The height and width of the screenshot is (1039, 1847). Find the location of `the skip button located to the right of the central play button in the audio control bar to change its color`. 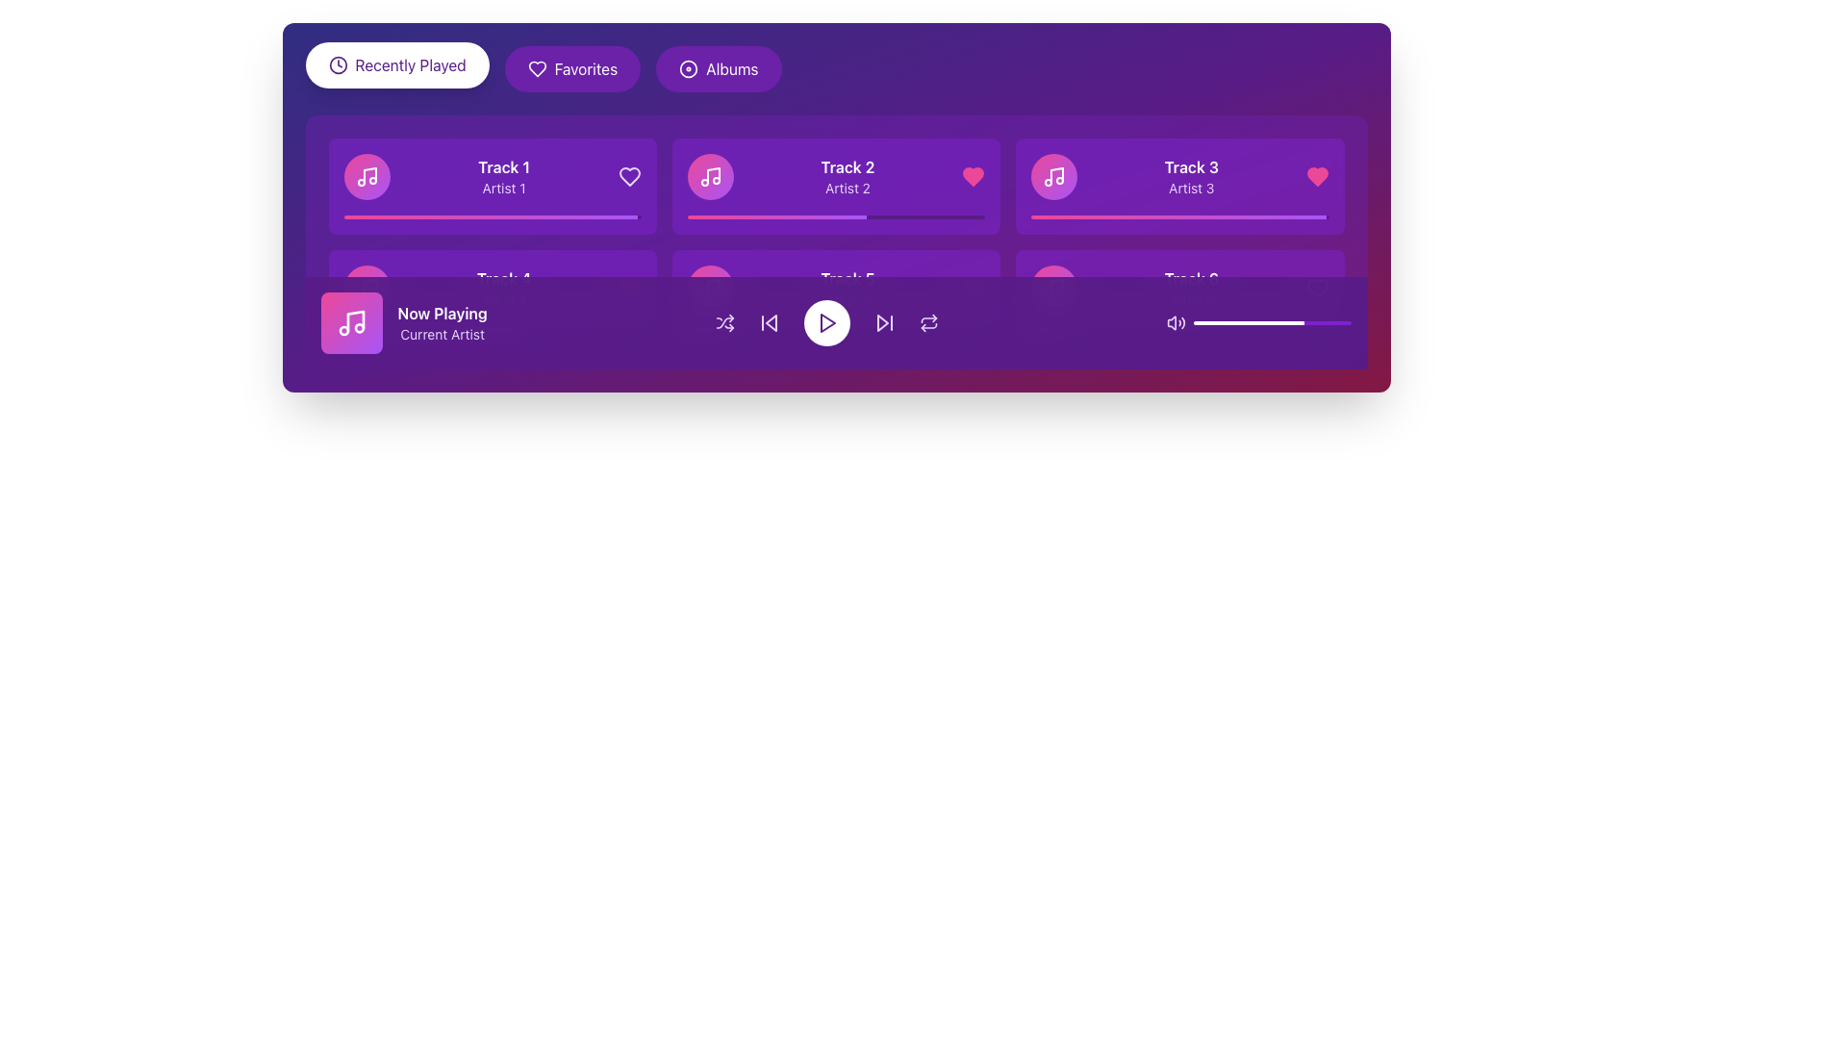

the skip button located to the right of the central play button in the audio control bar to change its color is located at coordinates (884, 321).